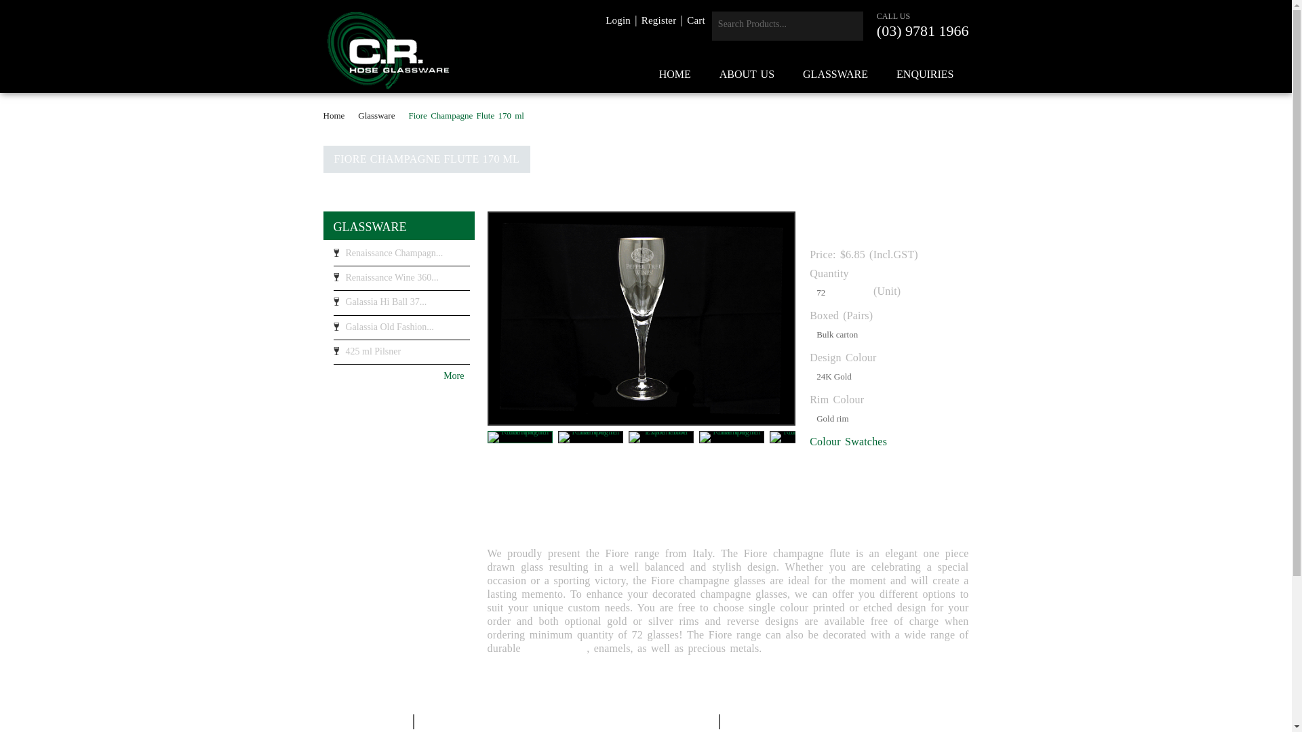  Describe the element at coordinates (338, 115) in the screenshot. I see `'Home'` at that location.